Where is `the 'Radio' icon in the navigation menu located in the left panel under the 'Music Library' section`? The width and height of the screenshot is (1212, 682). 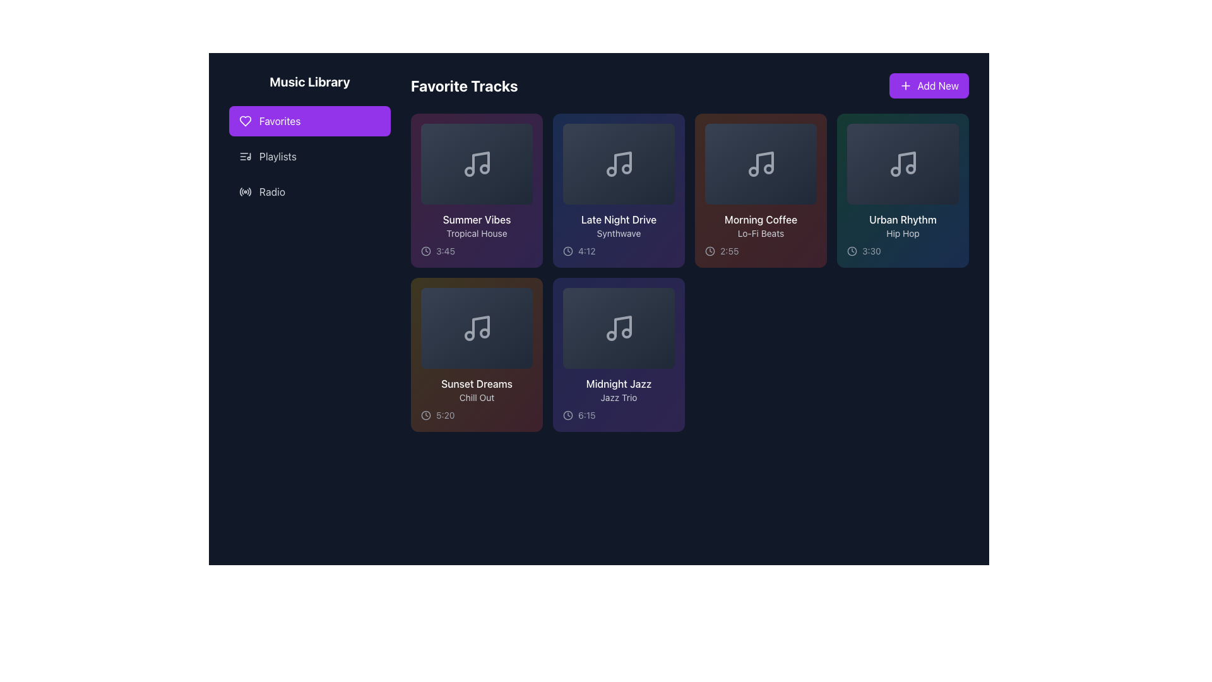 the 'Radio' icon in the navigation menu located in the left panel under the 'Music Library' section is located at coordinates (245, 192).